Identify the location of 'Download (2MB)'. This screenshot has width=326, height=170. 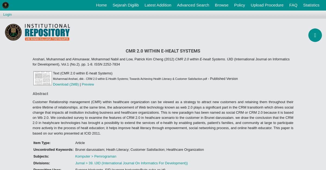
(65, 84).